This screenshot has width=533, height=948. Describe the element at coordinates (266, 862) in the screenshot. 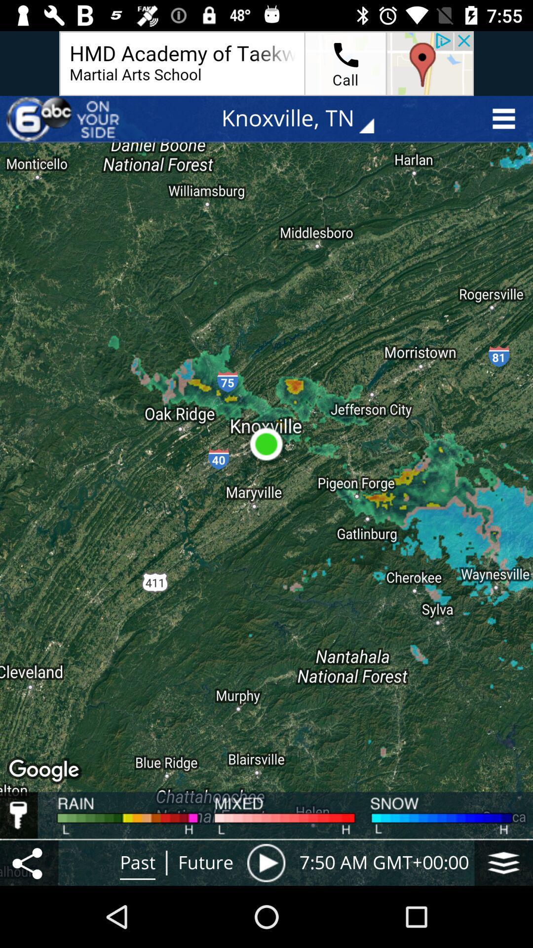

I see `the item to the right of the future` at that location.